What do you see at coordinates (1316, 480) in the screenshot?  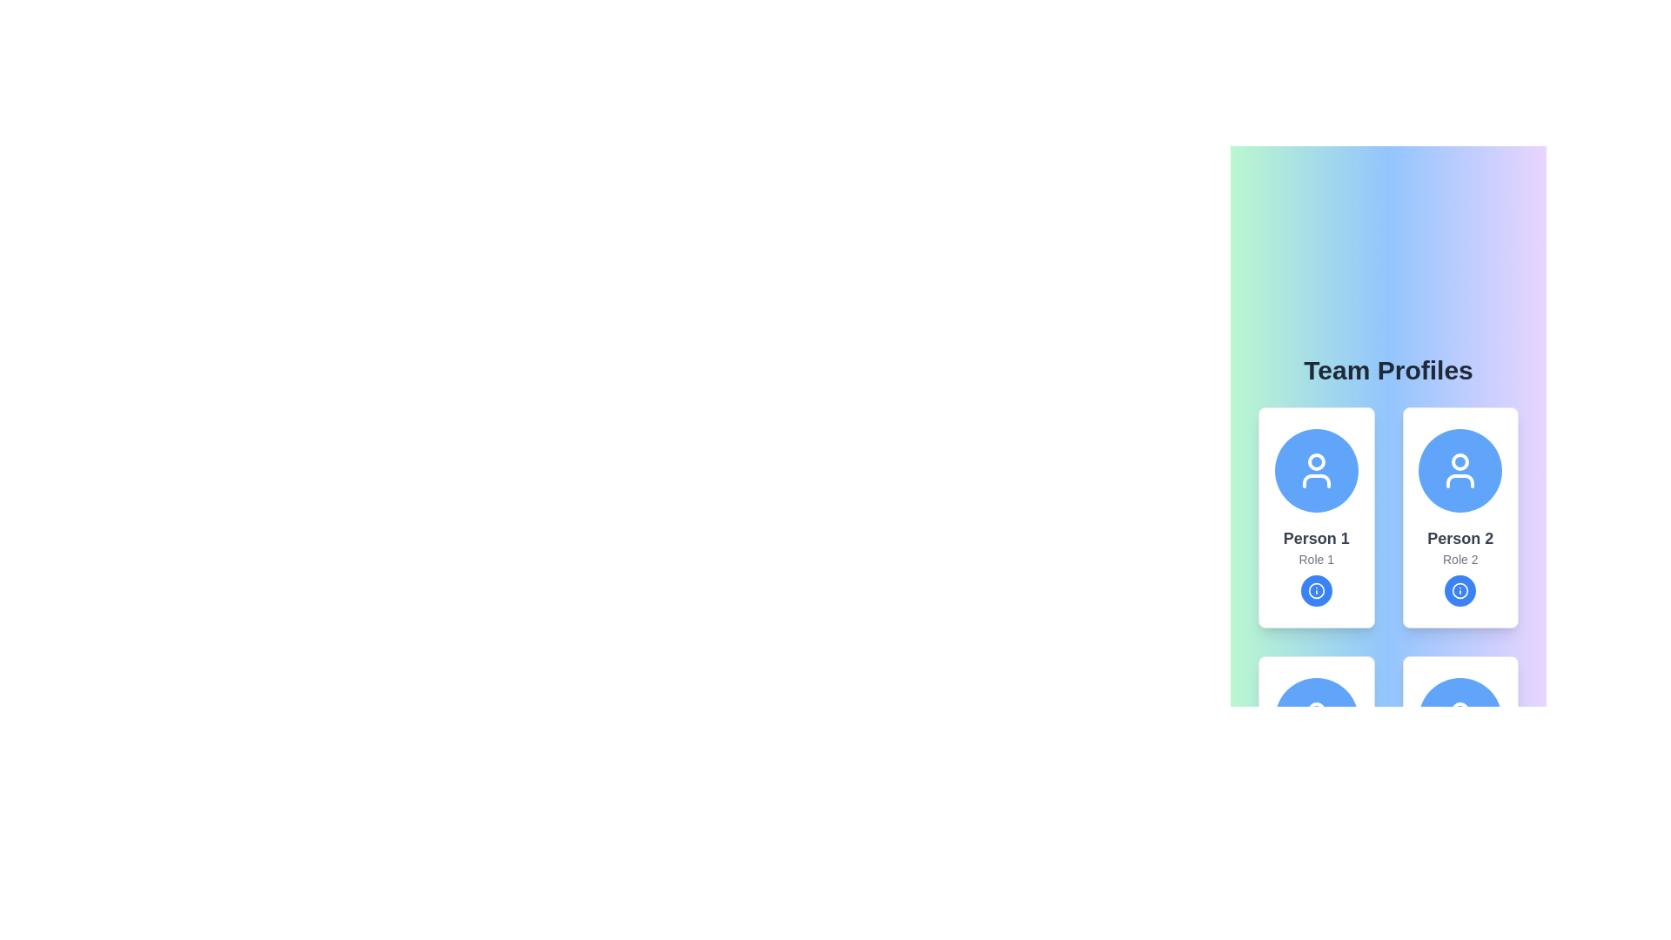 I see `the Icon component in the user's silhouette illustration located in the profile card labeled 'Person 1', positioned at the bottom section of the SVG graphic` at bounding box center [1316, 480].